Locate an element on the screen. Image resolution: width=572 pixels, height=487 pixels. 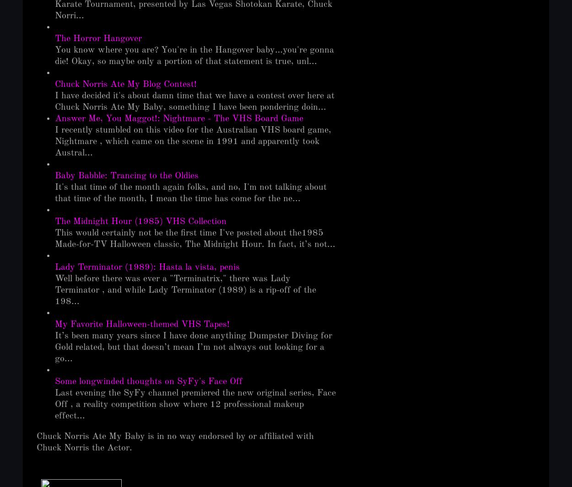
'I recently stumbled on this video for the Australian VHS board game, Nightmare , which came on the scene in 1991 and apparently took Austral...' is located at coordinates (193, 140).